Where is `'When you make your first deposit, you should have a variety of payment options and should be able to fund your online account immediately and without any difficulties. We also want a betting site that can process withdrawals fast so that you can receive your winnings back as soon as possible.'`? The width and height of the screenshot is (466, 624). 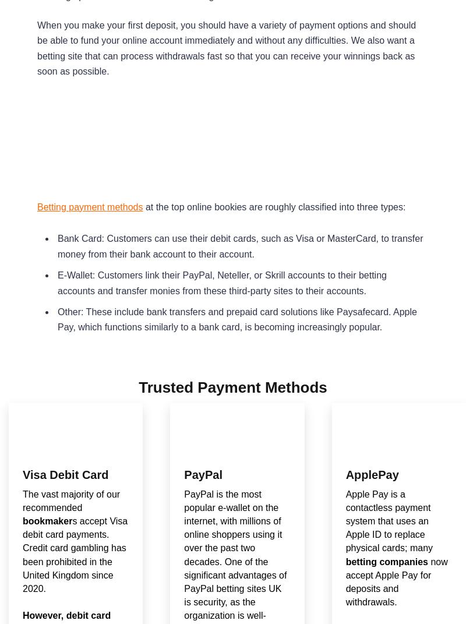
'When you make your first deposit, you should have a variety of payment options and should be able to fund your online account immediately and without any difficulties. We also want a betting site that can process withdrawals fast so that you can receive your winnings back as soon as possible.' is located at coordinates (225, 48).